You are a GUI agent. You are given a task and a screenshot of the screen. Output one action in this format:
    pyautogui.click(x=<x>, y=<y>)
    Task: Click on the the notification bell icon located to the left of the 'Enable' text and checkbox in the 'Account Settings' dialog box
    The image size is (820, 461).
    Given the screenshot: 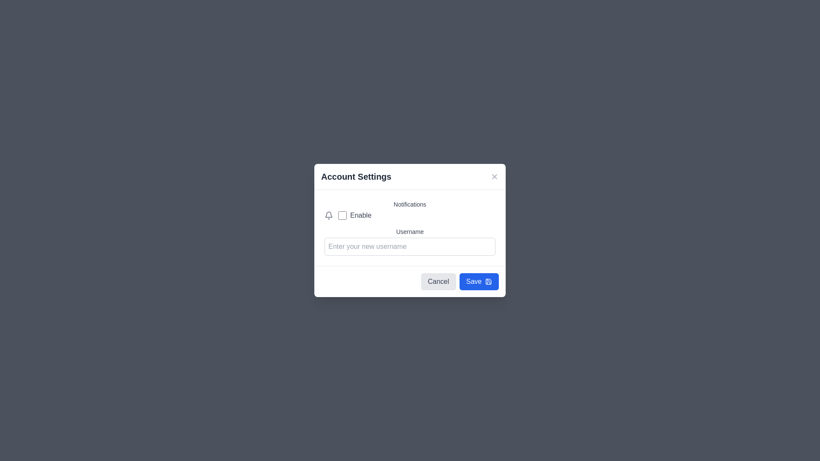 What is the action you would take?
    pyautogui.click(x=328, y=215)
    